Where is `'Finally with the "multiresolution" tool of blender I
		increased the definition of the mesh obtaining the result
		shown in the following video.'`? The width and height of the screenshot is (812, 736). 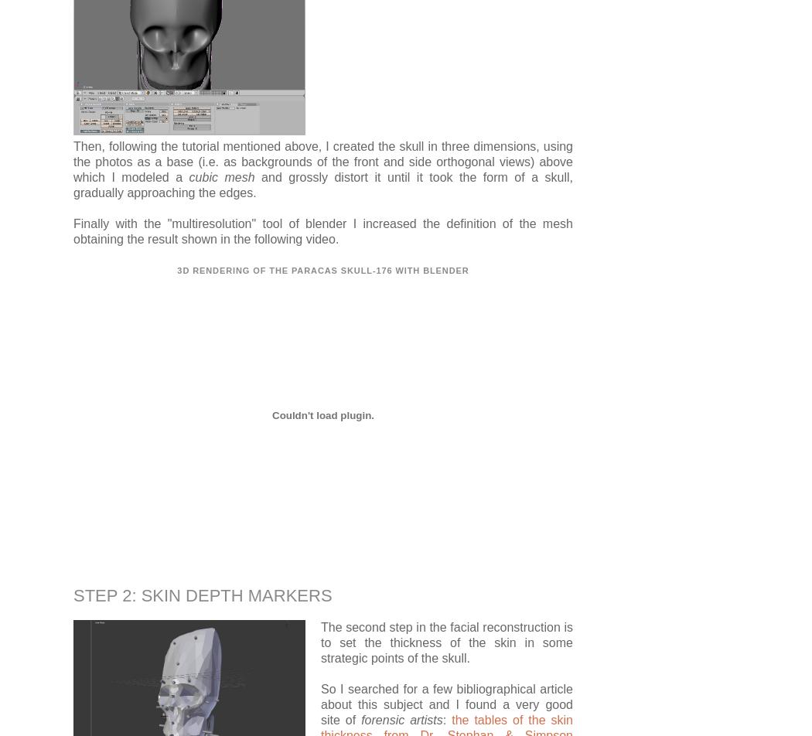
'Finally with the "multiresolution" tool of blender I
		increased the definition of the mesh obtaining the result
		shown in the following video.' is located at coordinates (73, 230).